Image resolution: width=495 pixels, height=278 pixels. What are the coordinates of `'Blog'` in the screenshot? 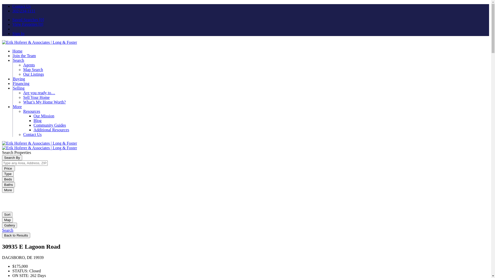 It's located at (37, 120).